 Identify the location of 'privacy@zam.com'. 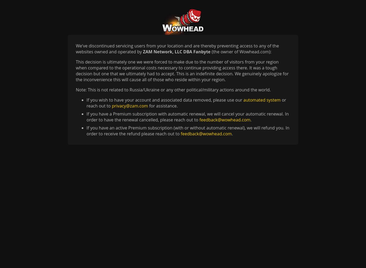
(130, 106).